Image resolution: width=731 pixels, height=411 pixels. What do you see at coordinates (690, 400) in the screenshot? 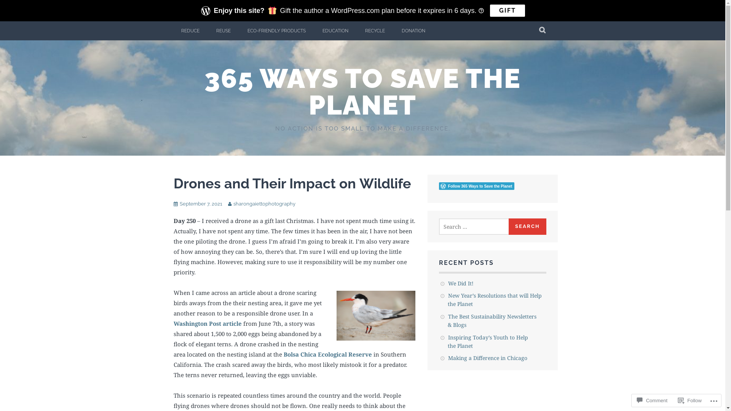
I see `'Follow'` at bounding box center [690, 400].